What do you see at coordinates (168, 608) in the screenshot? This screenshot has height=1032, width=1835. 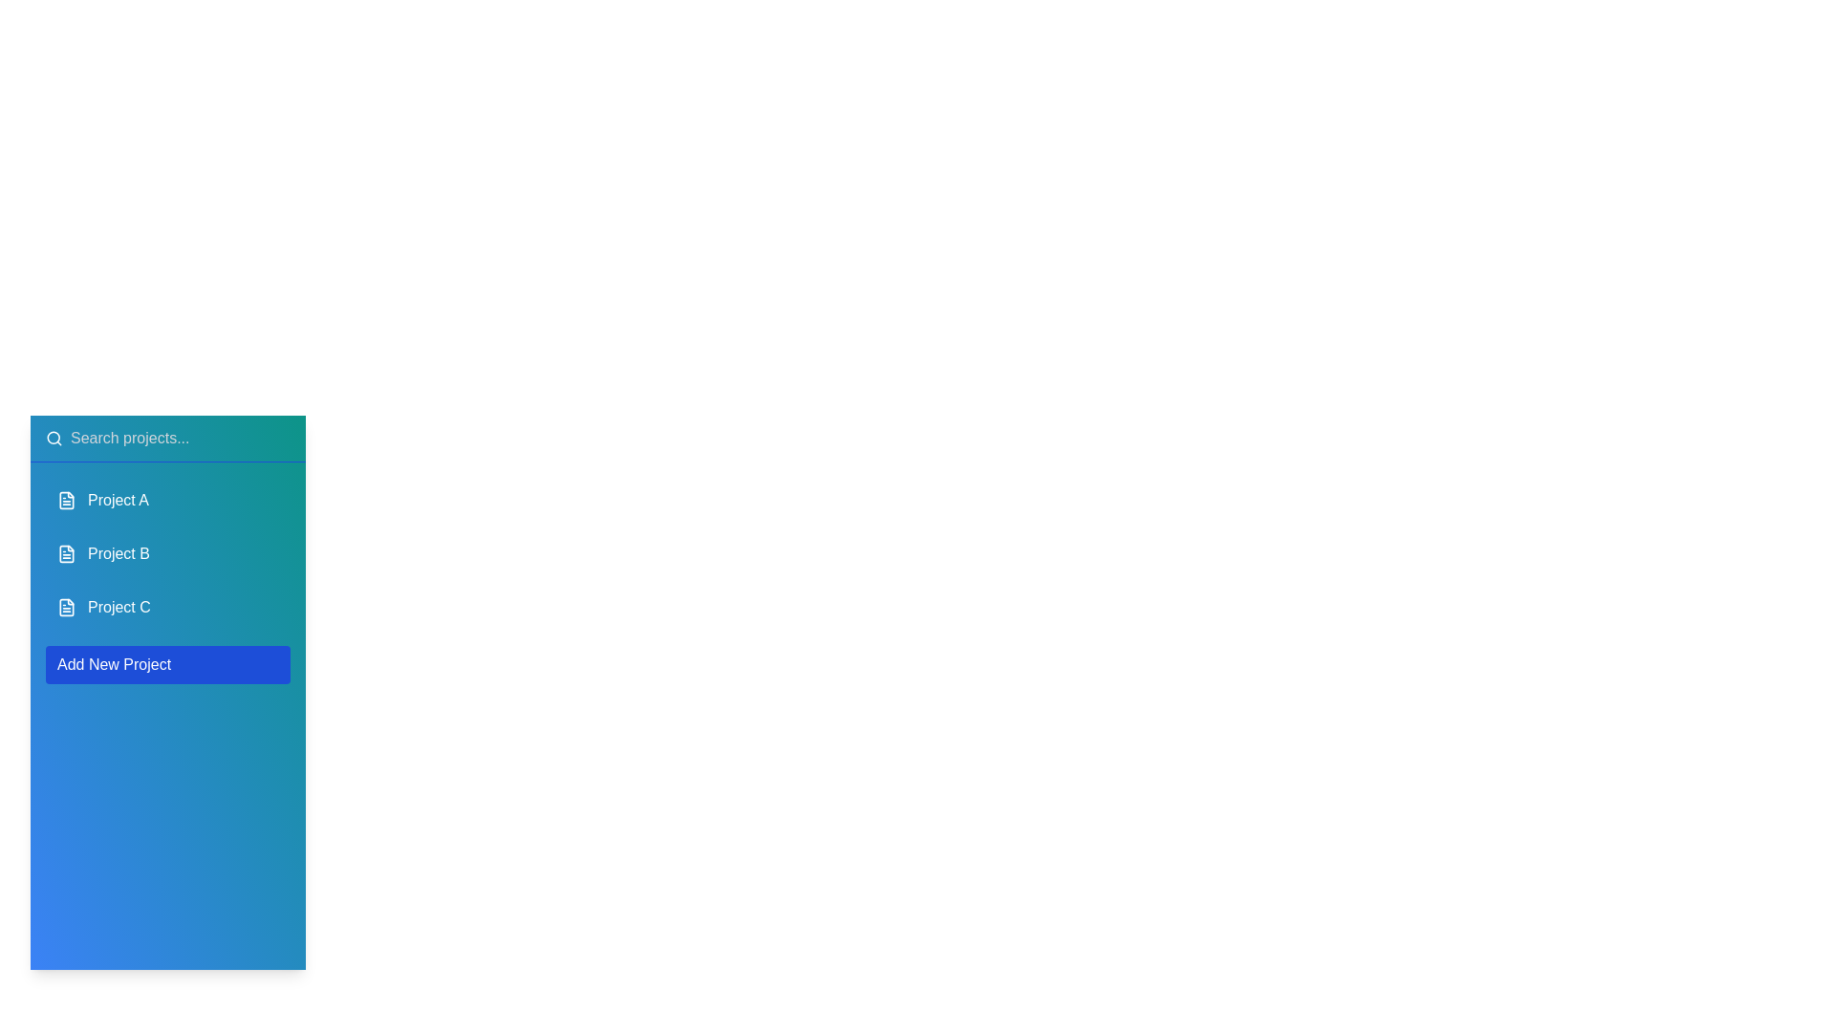 I see `the project named Project C` at bounding box center [168, 608].